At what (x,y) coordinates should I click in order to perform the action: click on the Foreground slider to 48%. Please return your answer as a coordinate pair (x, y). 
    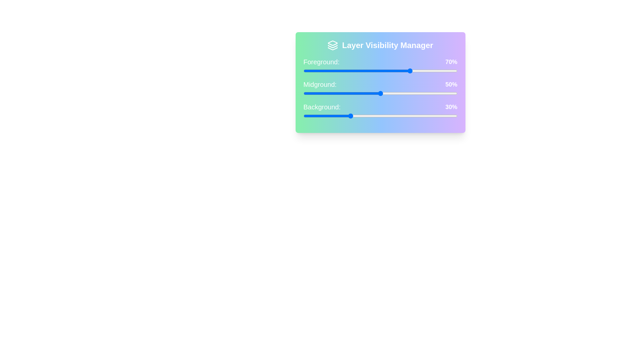
    Looking at the image, I should click on (377, 71).